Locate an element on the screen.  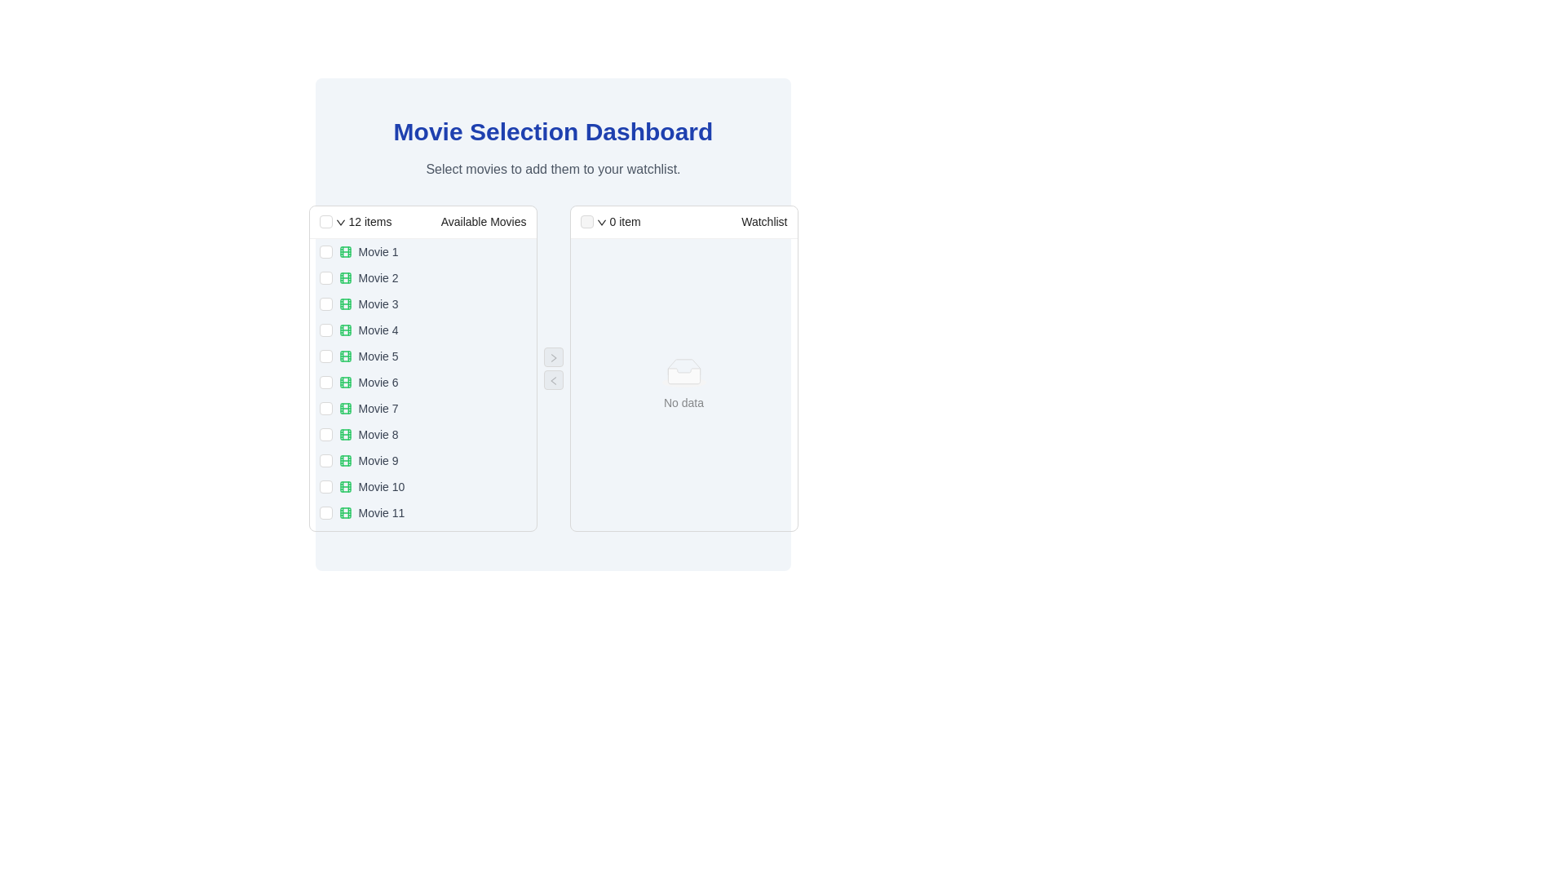
the fourth list item is located at coordinates (432, 330).